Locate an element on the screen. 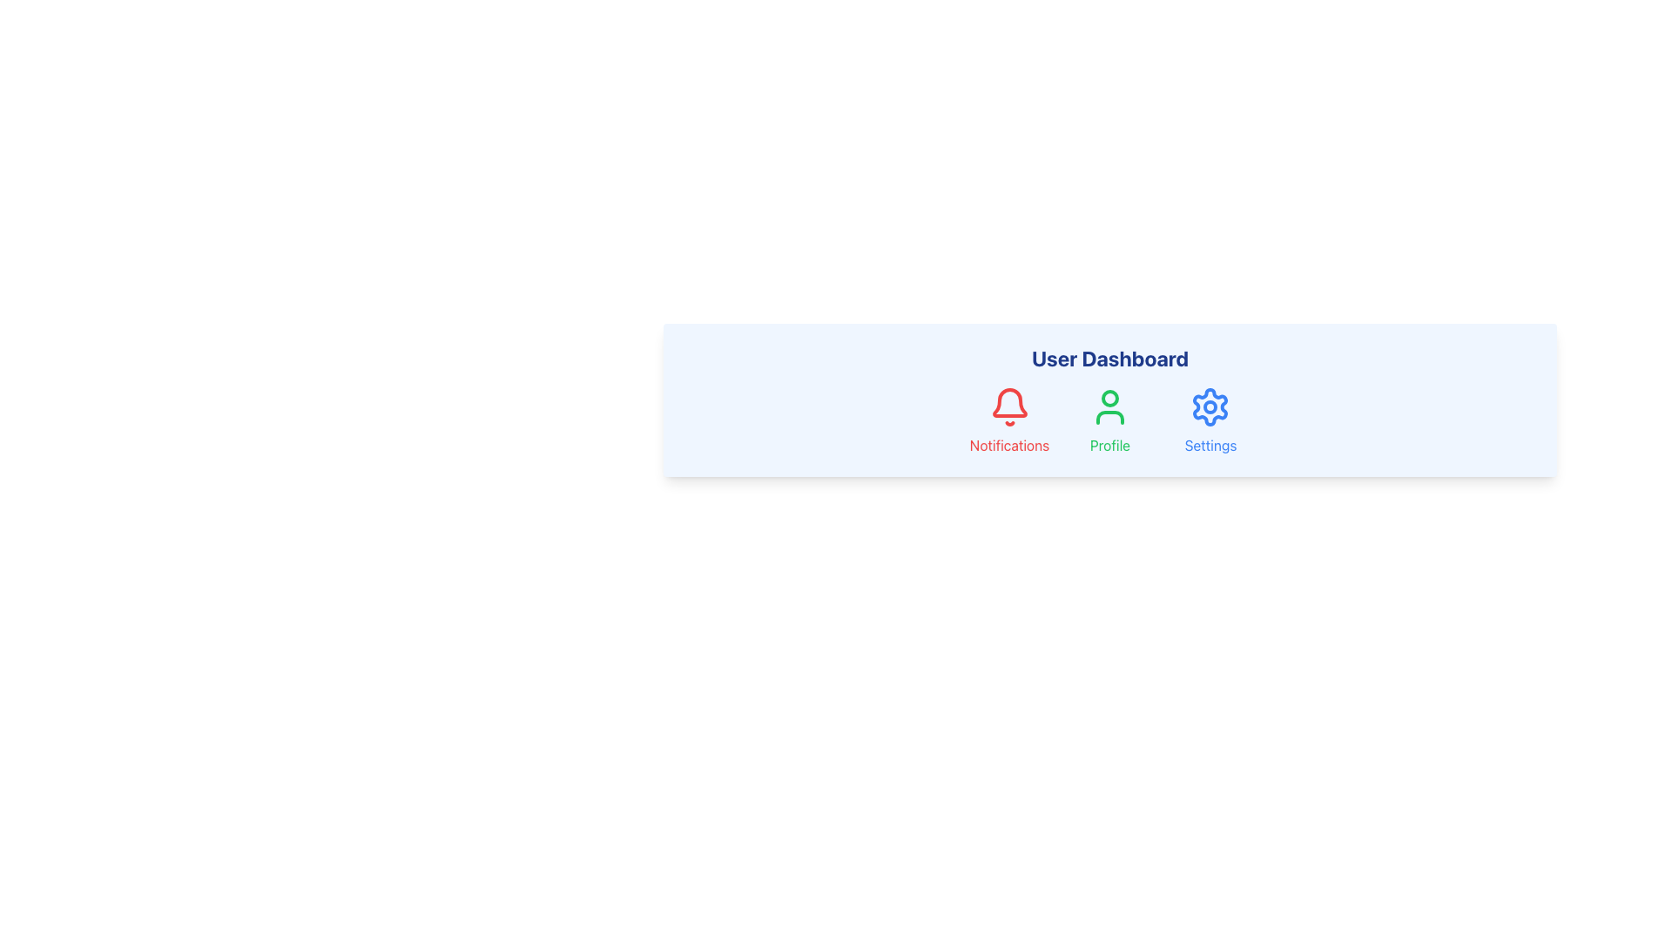 The image size is (1672, 940). the notification bell icon located in the 'Notifications' section, characterized by its red stroke and hollow interior is located at coordinates (1009, 406).